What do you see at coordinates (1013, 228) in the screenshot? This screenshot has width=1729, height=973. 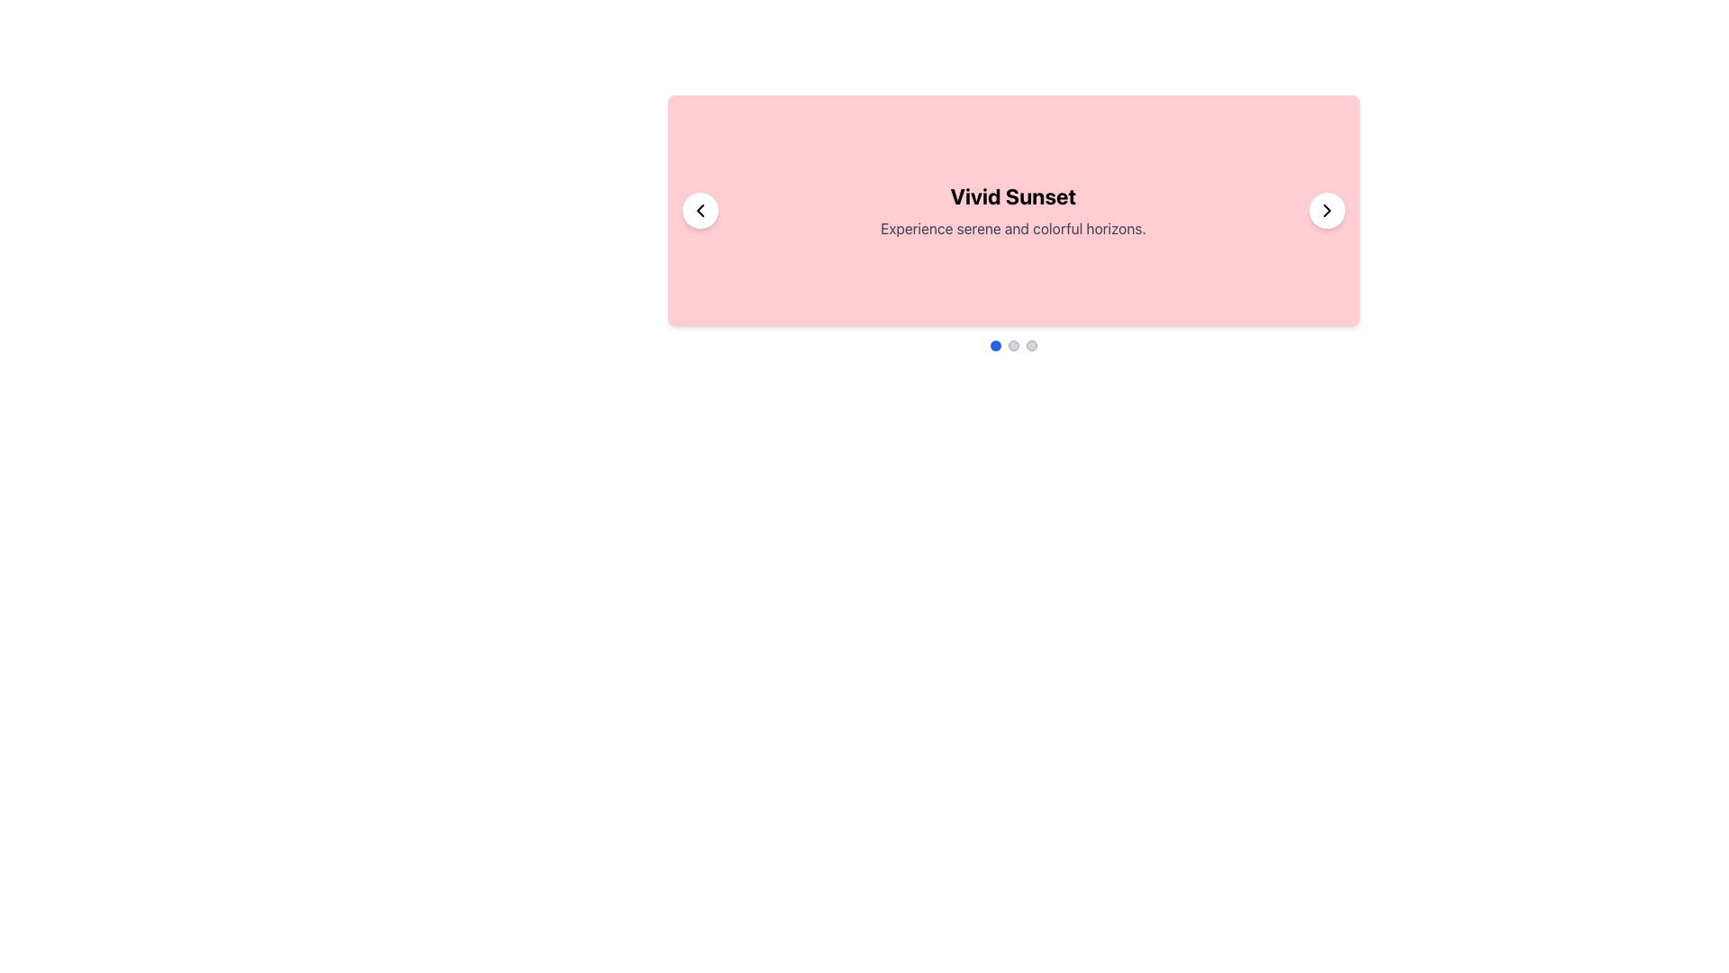 I see `the Text Label that provides additional descriptive text below the 'Vivid Sunset' heading in the centered pink box` at bounding box center [1013, 228].